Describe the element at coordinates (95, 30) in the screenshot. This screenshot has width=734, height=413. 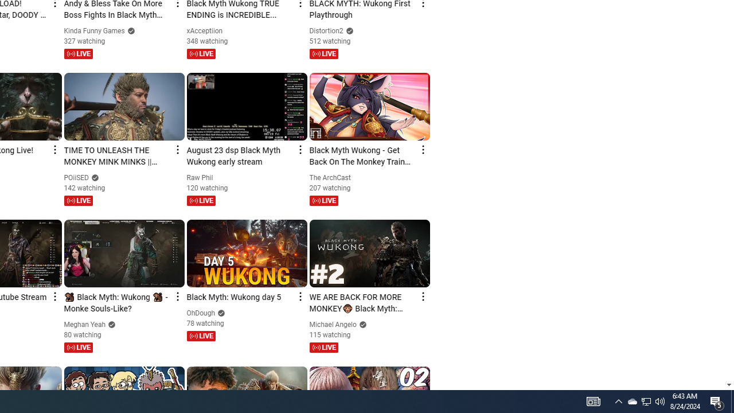
I see `'Kinda Funny Games'` at that location.